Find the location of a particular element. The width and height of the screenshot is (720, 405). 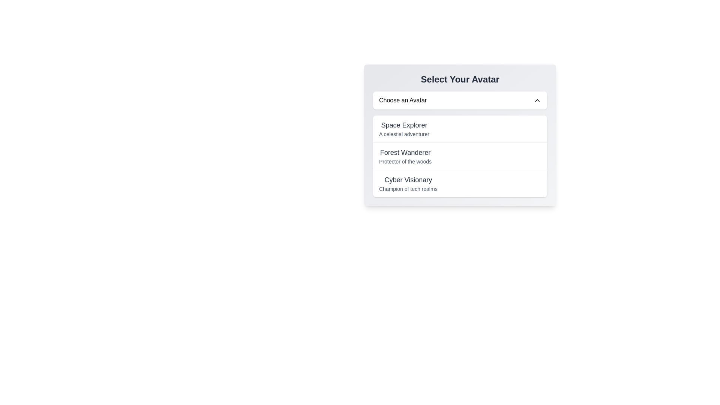

the label that indicates the selection of an avatar, located in the top left corner of a rectangular white card, aligned to the left edge and vertically centered, with an upward chevron icon to the right is located at coordinates (402, 100).